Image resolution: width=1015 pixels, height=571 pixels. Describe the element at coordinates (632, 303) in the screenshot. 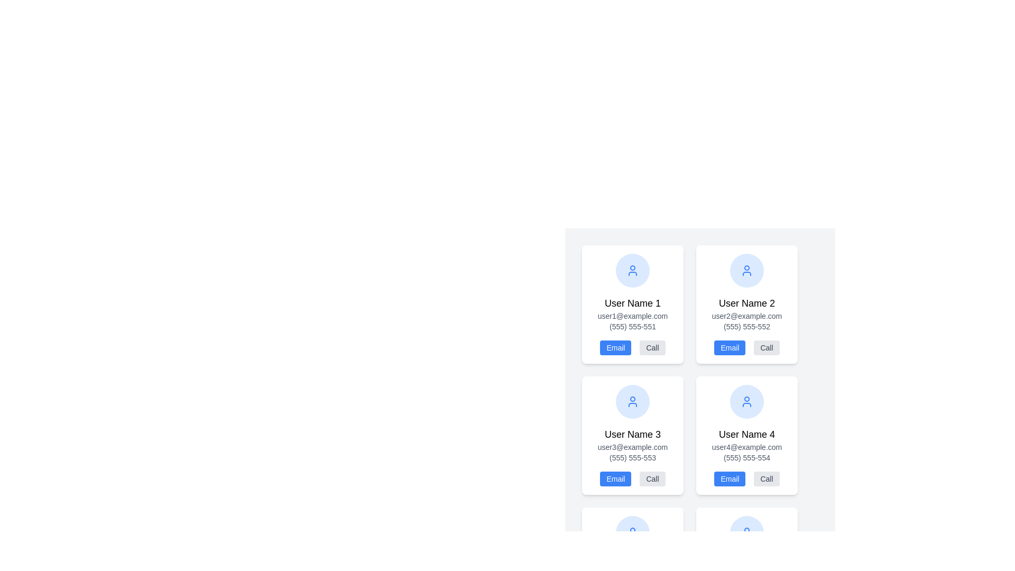

I see `the Text Label displaying the user's name, located within a card in the top left quadrant of the grid layout, positioned below a circular icon placeholder and above the email text 'user1@example.com'` at that location.